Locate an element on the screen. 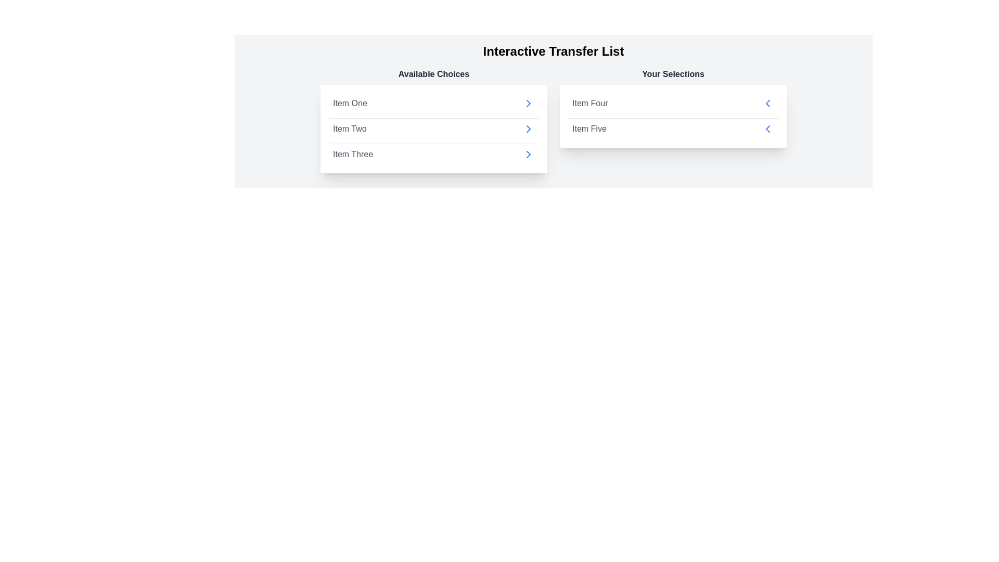 Image resolution: width=999 pixels, height=562 pixels. arrow next to the item Item Two in the 'Available Choices' list to transfer it to 'Your Selections' is located at coordinates (529, 128).